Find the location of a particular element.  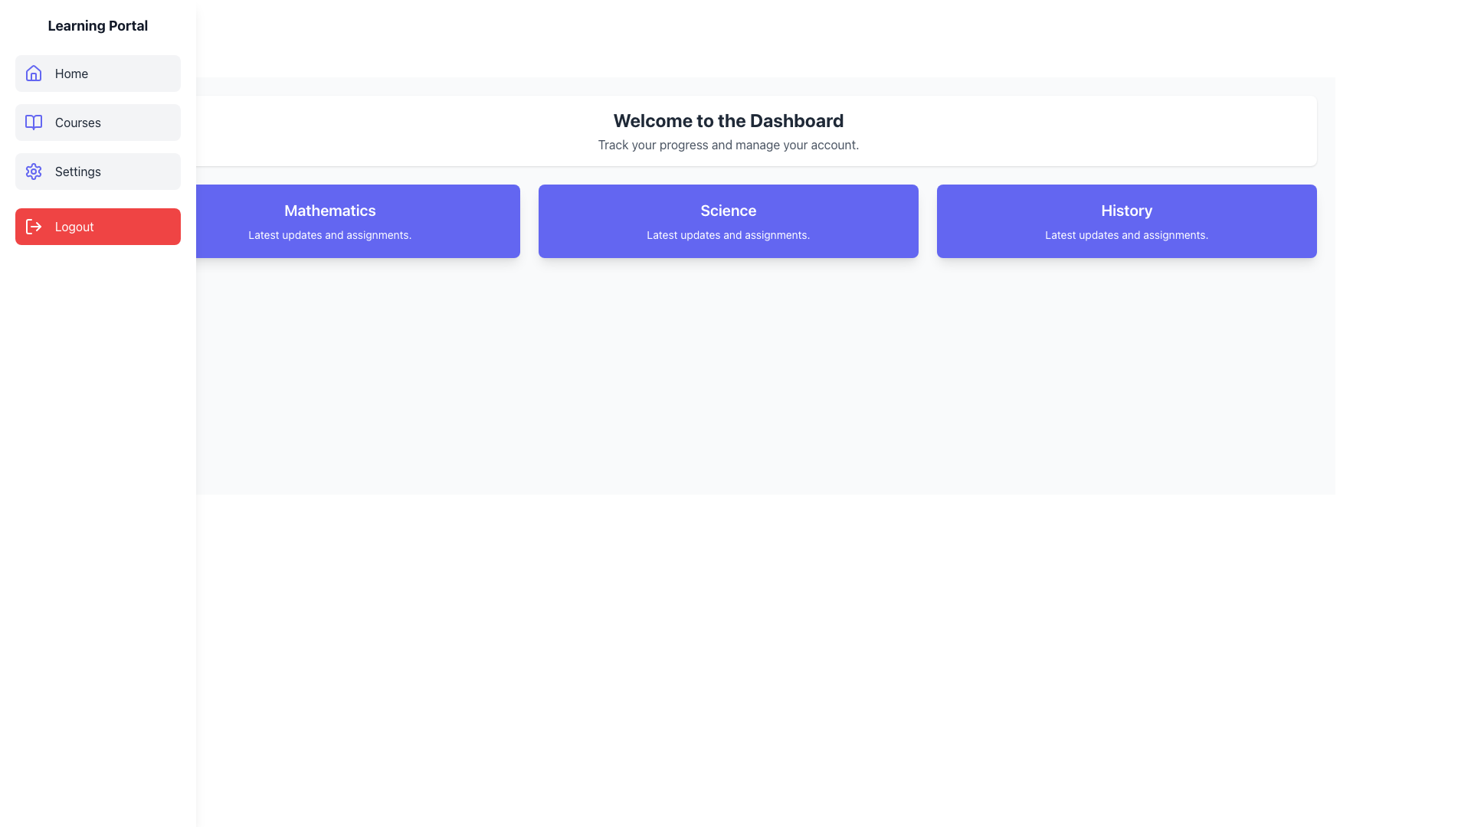

the 'Learning Portal' static text label, which is a bold and large font element located at the top of the sidebar is located at coordinates (97, 26).